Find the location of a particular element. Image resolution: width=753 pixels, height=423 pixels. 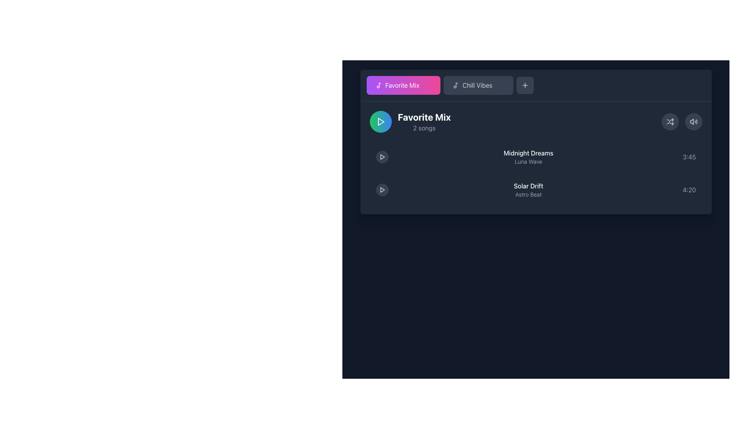

the play icon, which is a small triangle pointing to the right, located within a circular button on the left of the 'Favorite Mix' song list header is located at coordinates (381, 122).